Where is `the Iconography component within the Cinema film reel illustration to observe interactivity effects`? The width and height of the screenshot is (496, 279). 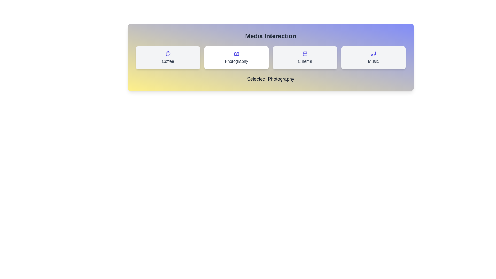
the Iconography component within the Cinema film reel illustration to observe interactivity effects is located at coordinates (305, 54).